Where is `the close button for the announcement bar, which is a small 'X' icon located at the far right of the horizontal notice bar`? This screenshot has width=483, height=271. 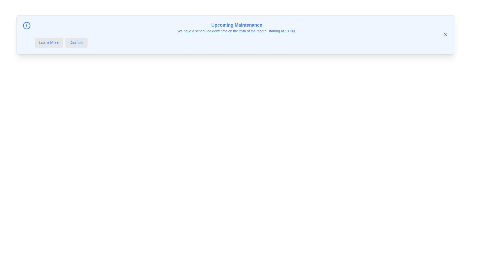
the close button for the announcement bar, which is a small 'X' icon located at the far right of the horizontal notice bar is located at coordinates (446, 34).